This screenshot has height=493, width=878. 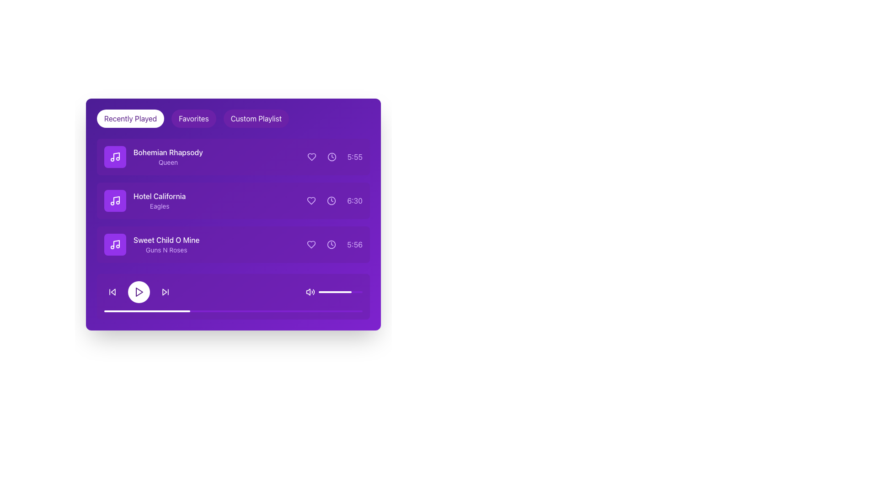 I want to click on the digital time display text label showing '6:30' in bold purple font, located on the second row of the list to the farthest right, so click(x=354, y=200).